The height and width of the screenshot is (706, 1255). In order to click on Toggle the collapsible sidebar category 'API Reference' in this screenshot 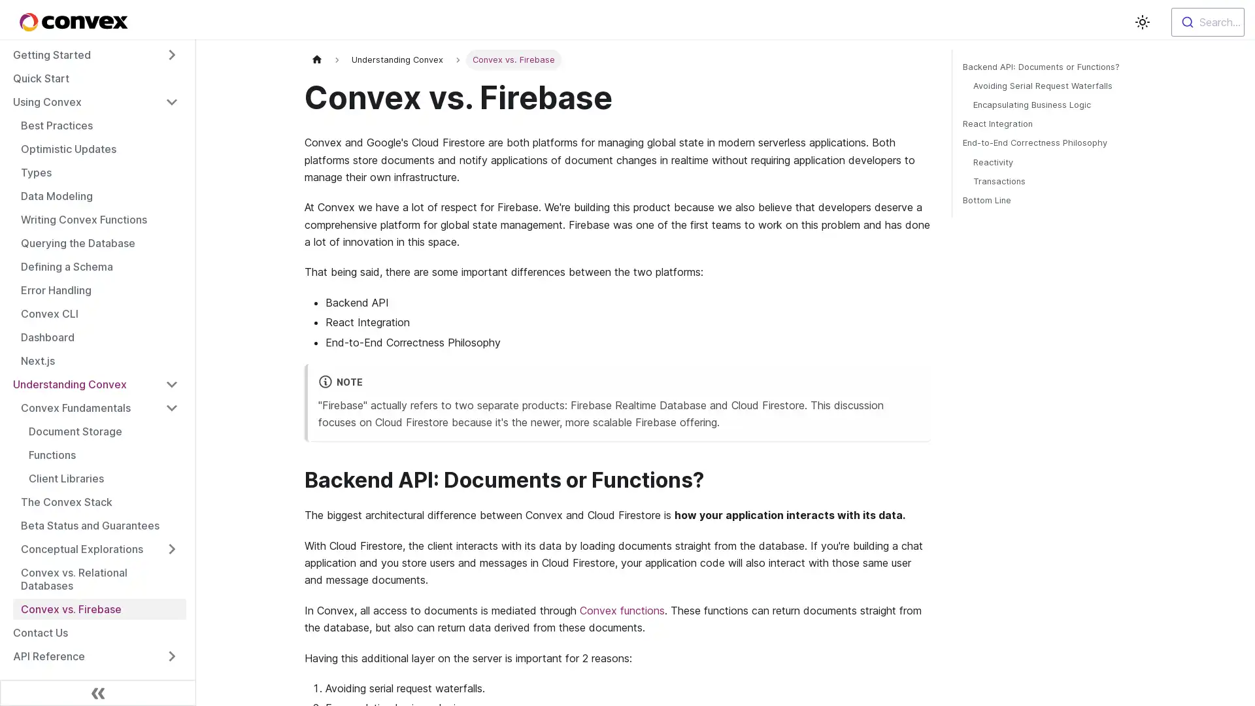, I will do `click(171, 656)`.